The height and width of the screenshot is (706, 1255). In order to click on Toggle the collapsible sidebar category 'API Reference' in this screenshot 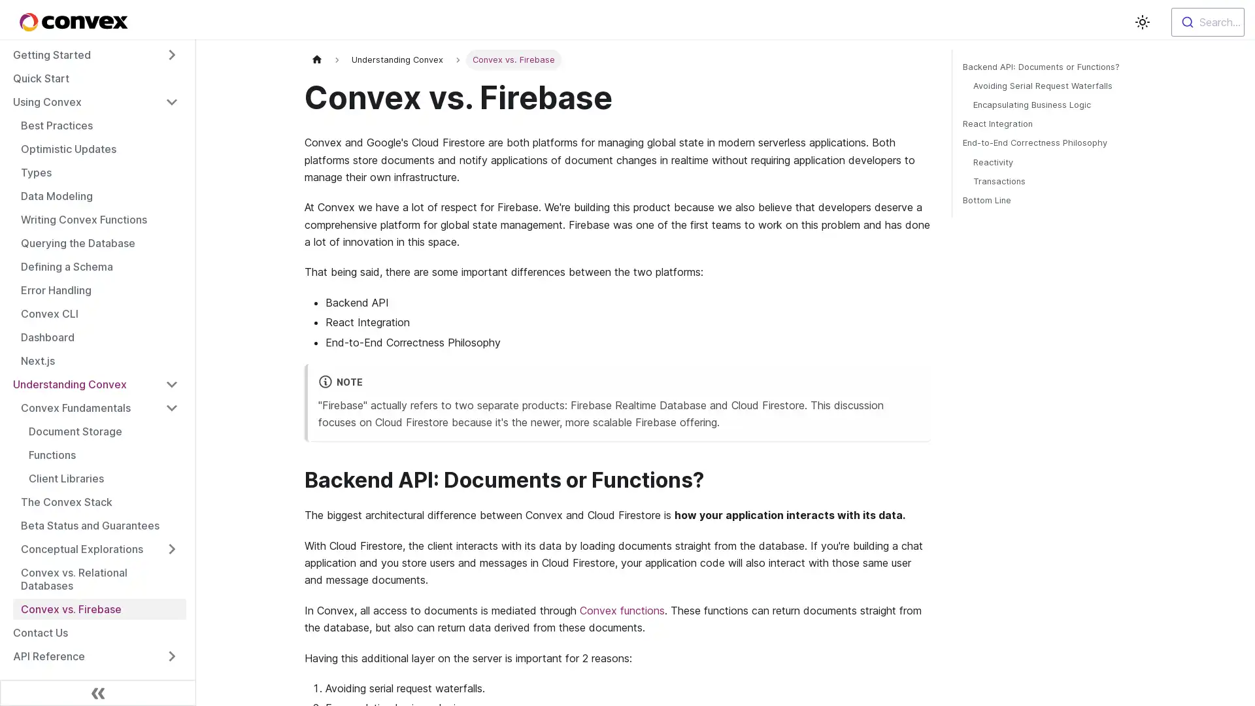, I will do `click(171, 656)`.